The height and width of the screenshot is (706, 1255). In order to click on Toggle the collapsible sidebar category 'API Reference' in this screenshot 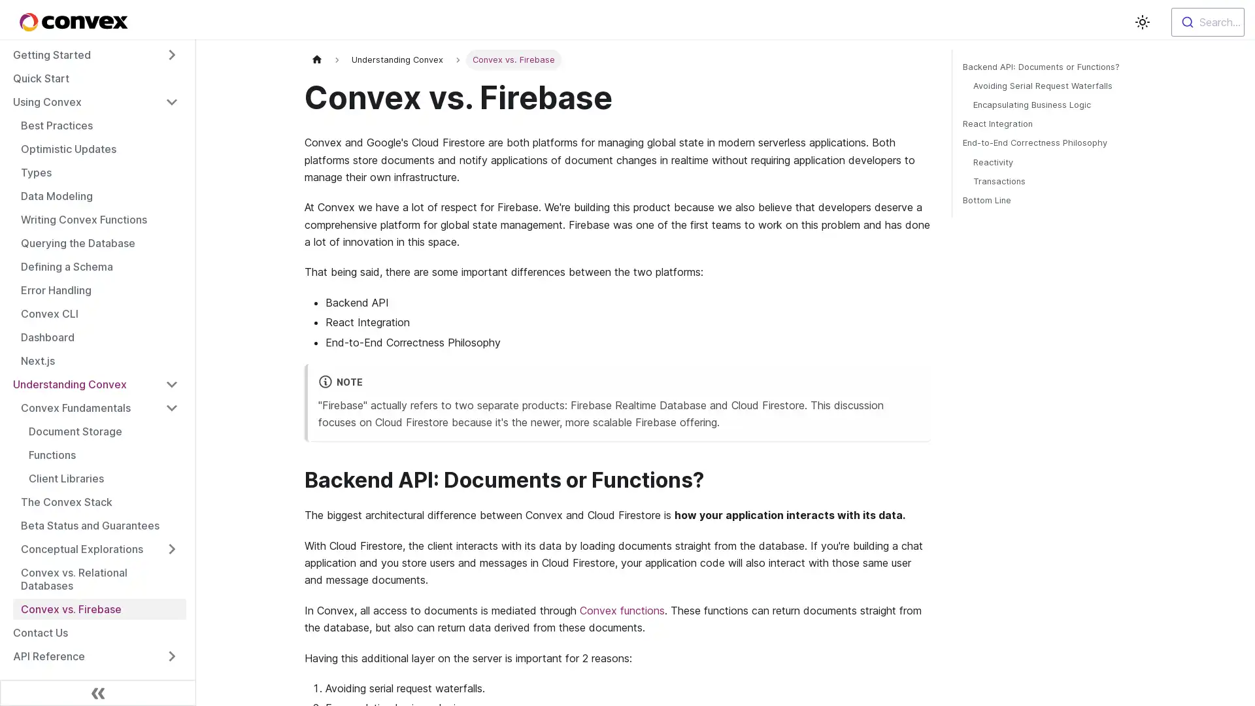, I will do `click(171, 656)`.